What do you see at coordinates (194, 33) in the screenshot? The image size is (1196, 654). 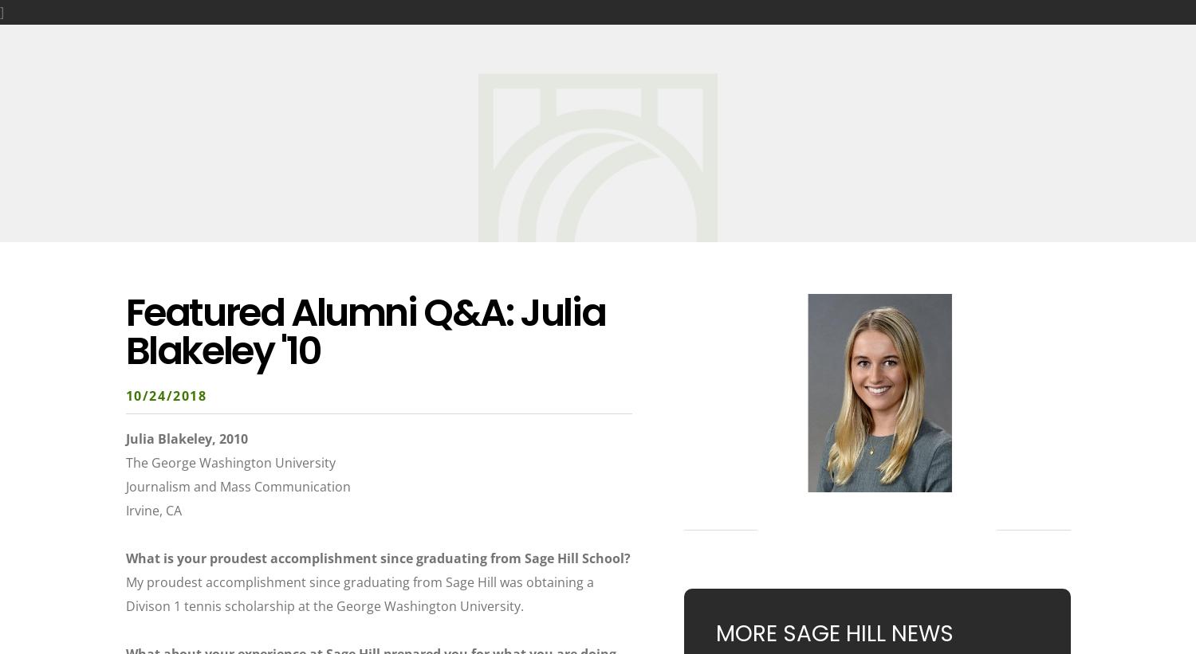 I see `'About'` at bounding box center [194, 33].